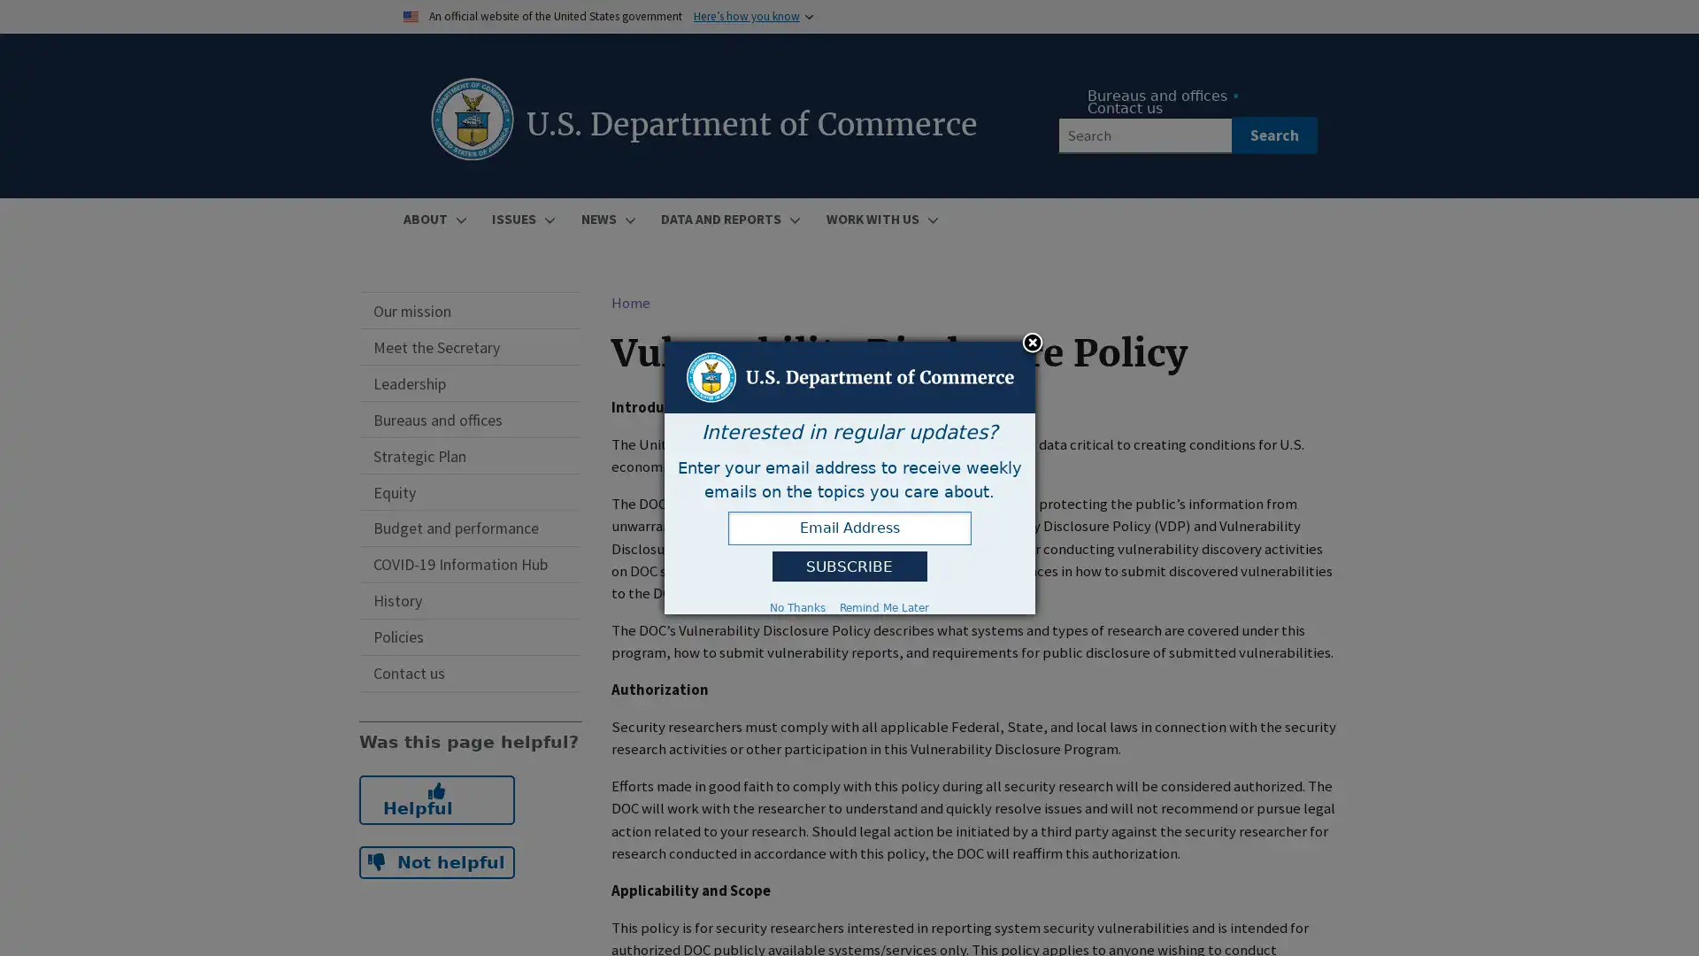 Image resolution: width=1699 pixels, height=956 pixels. I want to click on ABOUT, so click(433, 218).